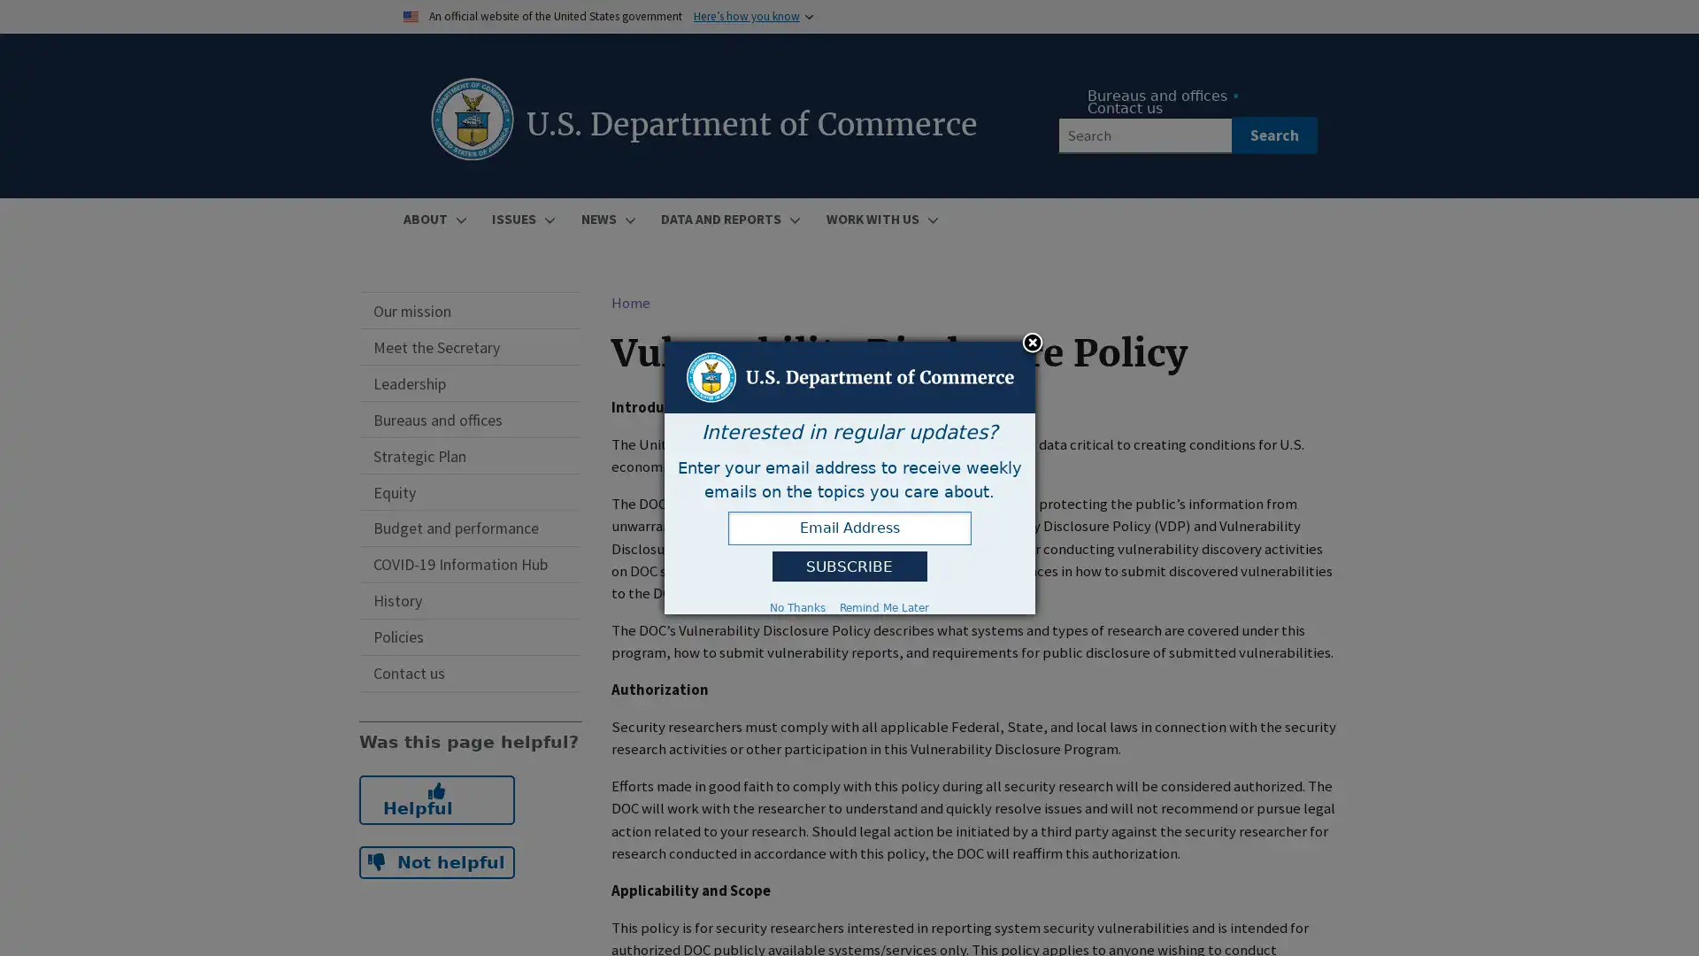 Image resolution: width=1699 pixels, height=956 pixels. I want to click on ABOUT, so click(433, 218).